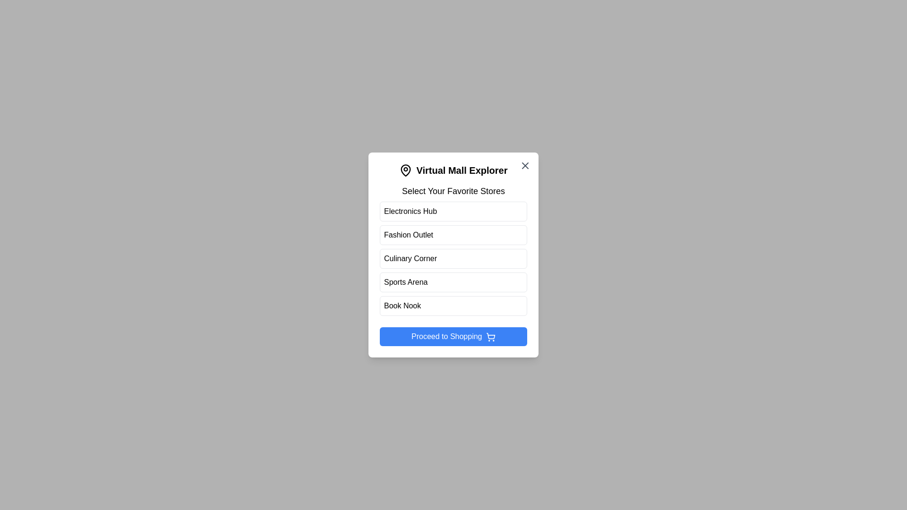 This screenshot has height=510, width=907. What do you see at coordinates (490, 336) in the screenshot?
I see `the shopping cart icon located on the right side of the 'Proceed to Shopping' button` at bounding box center [490, 336].